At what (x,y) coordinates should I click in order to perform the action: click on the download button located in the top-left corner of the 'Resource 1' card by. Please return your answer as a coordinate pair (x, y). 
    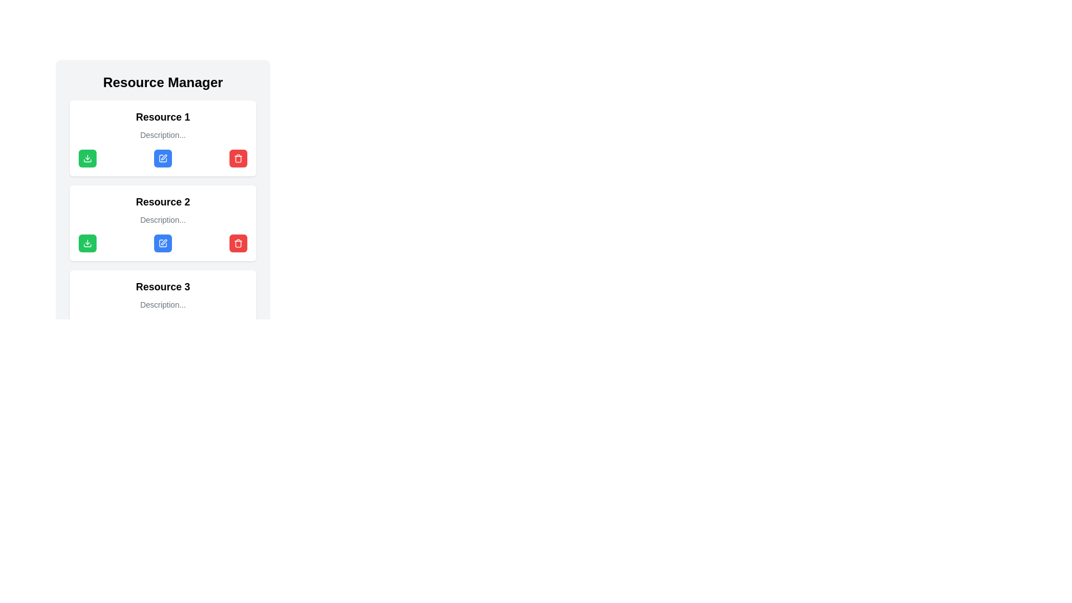
    Looking at the image, I should click on (87, 159).